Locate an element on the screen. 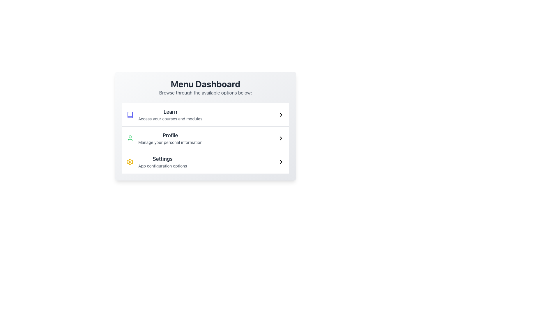 The image size is (559, 314). the 'Profile' clickable menu item, which contains the text 'Profile' in bold and 'Manage your personal information' in smaller text, positioned below an icon and aligned within a card-like grouping is located at coordinates (170, 138).